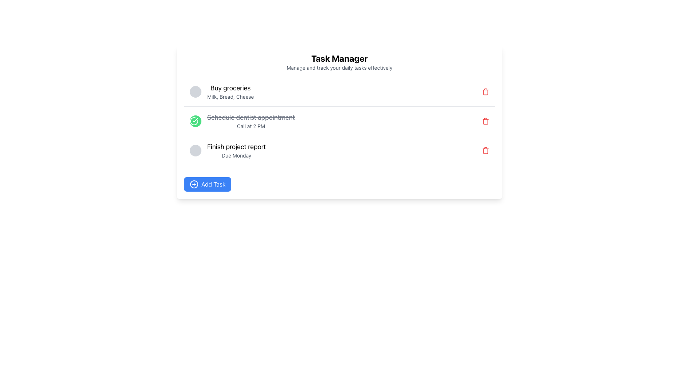 Image resolution: width=698 pixels, height=392 pixels. I want to click on text label displaying 'Due Monday' located directly beneath the task title 'Finish project report' in the task list interface, so click(236, 155).